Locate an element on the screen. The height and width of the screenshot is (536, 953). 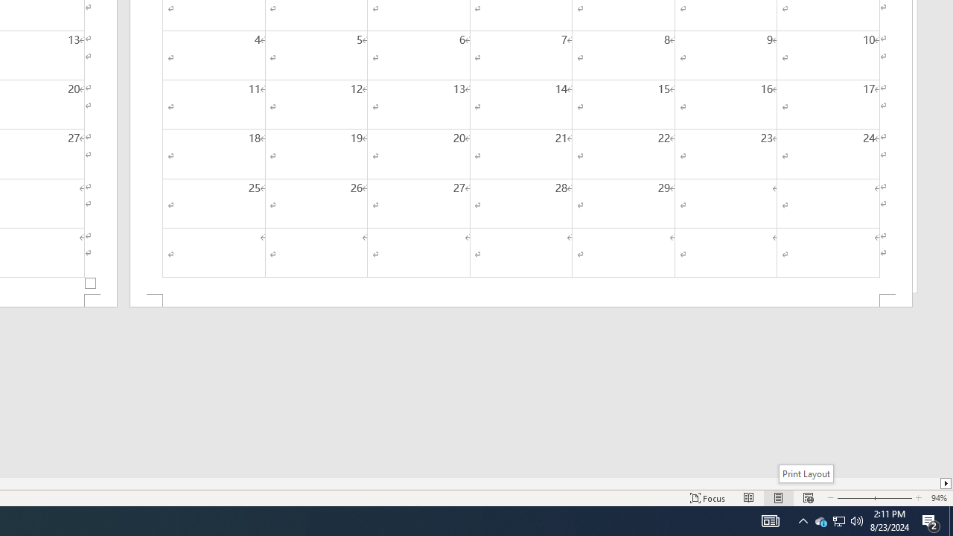
'Column right' is located at coordinates (946, 483).